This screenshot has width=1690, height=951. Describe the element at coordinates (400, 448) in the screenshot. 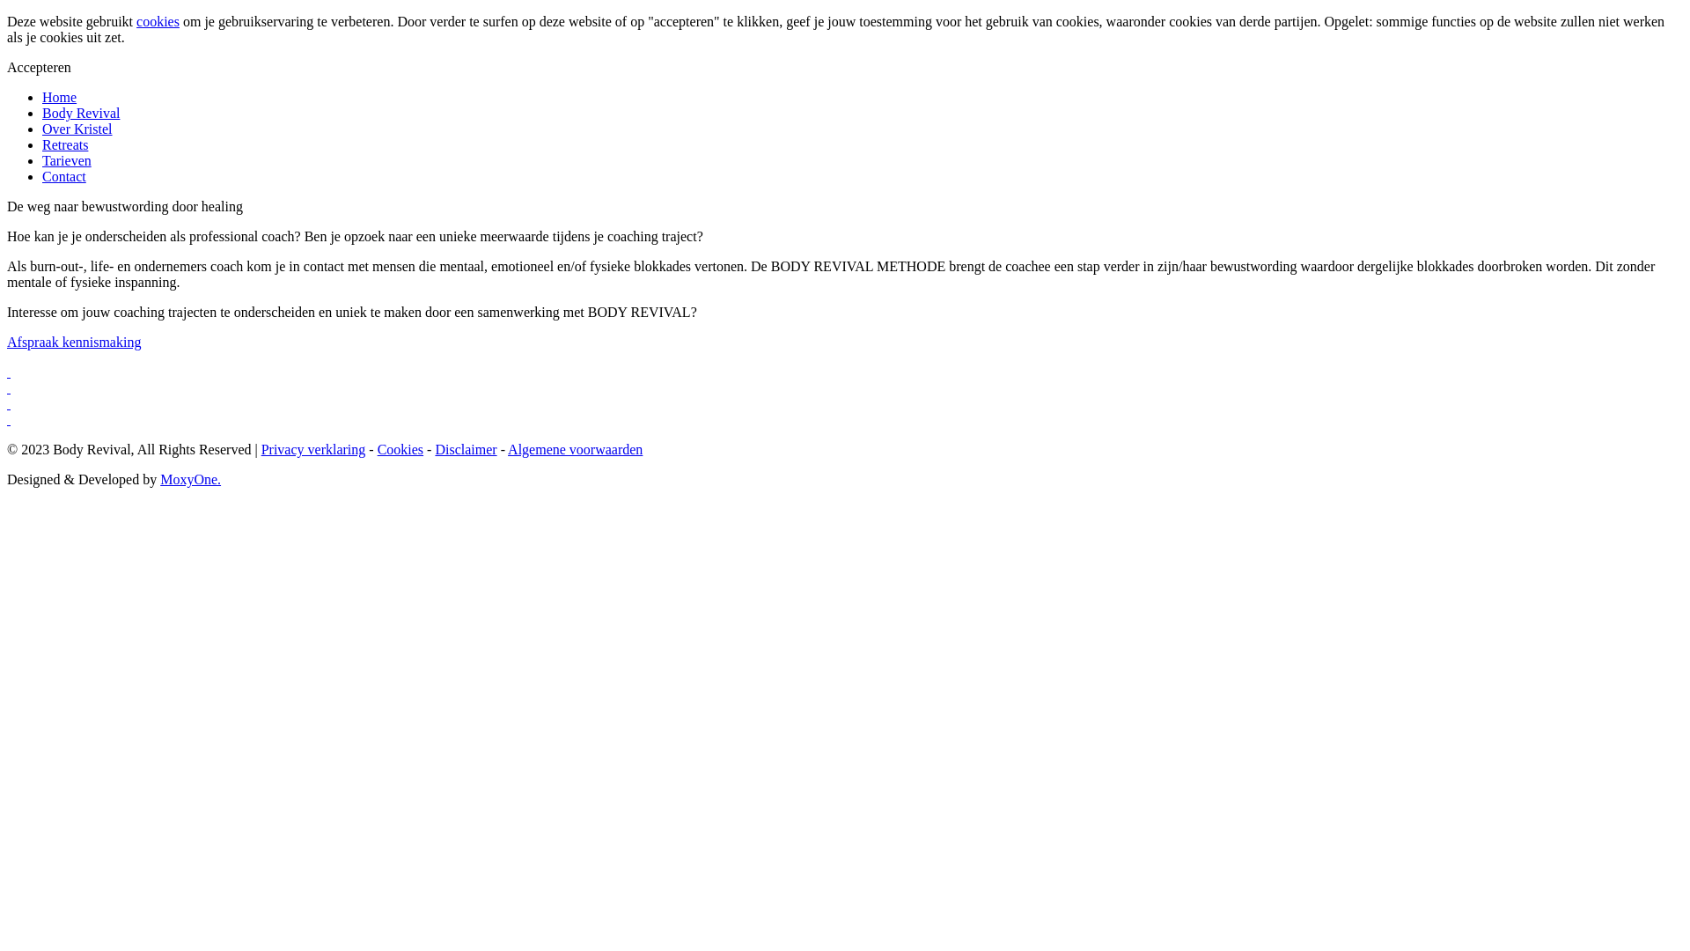

I see `'Cookies'` at that location.